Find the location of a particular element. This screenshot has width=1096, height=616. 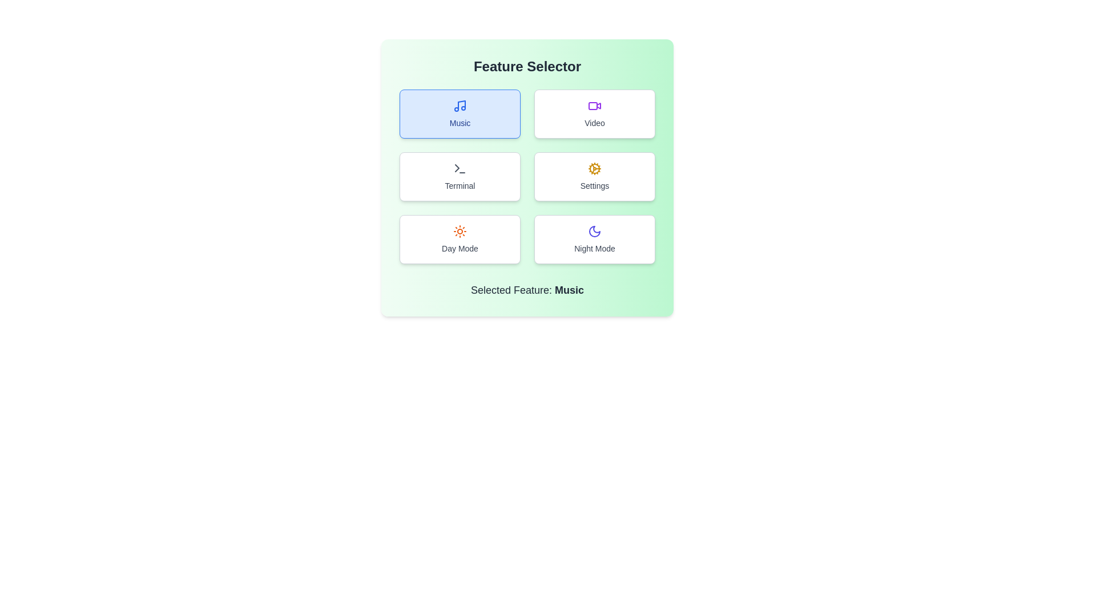

the triangle-like shape of the video camera icon located in the top-right quadrant of the grid layout, specifically at the center of the icon's play button design is located at coordinates (598, 106).